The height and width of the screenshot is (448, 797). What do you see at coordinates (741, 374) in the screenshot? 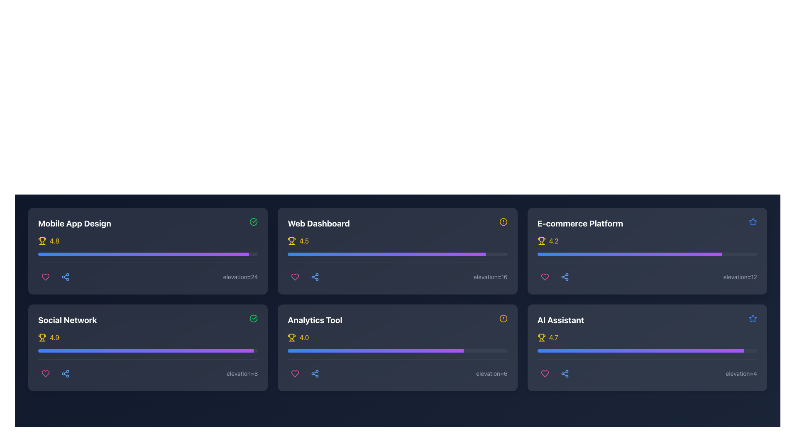
I see `the static informational text element displaying 'elevation=4' in gray color located in the bottom-right corner of the 'AI Assistant' card` at bounding box center [741, 374].